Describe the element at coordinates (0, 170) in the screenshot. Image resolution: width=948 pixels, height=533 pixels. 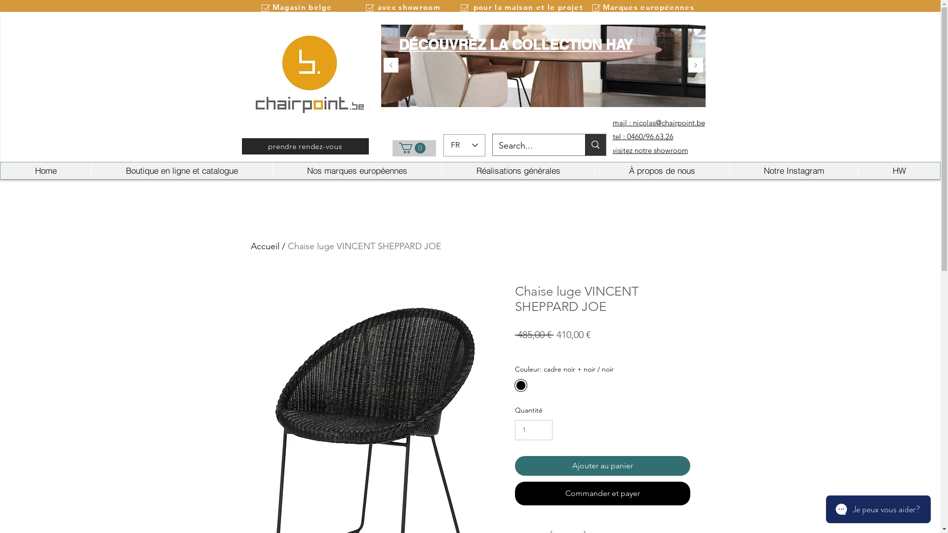
I see `'Home'` at that location.